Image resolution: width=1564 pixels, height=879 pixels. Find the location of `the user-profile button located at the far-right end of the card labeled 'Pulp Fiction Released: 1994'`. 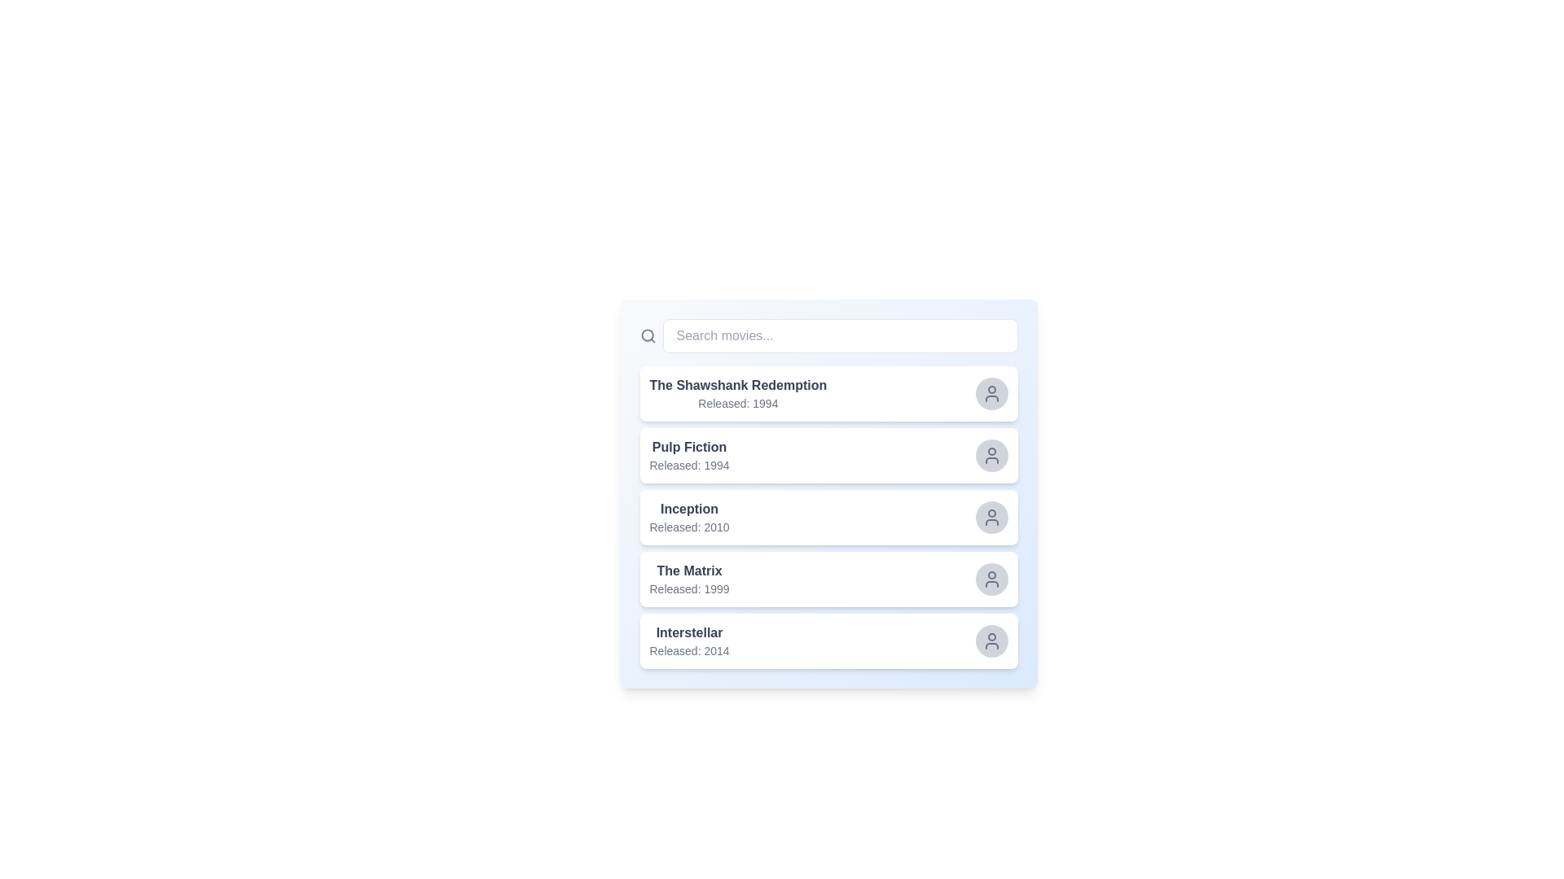

the user-profile button located at the far-right end of the card labeled 'Pulp Fiction Released: 1994' is located at coordinates (991, 455).